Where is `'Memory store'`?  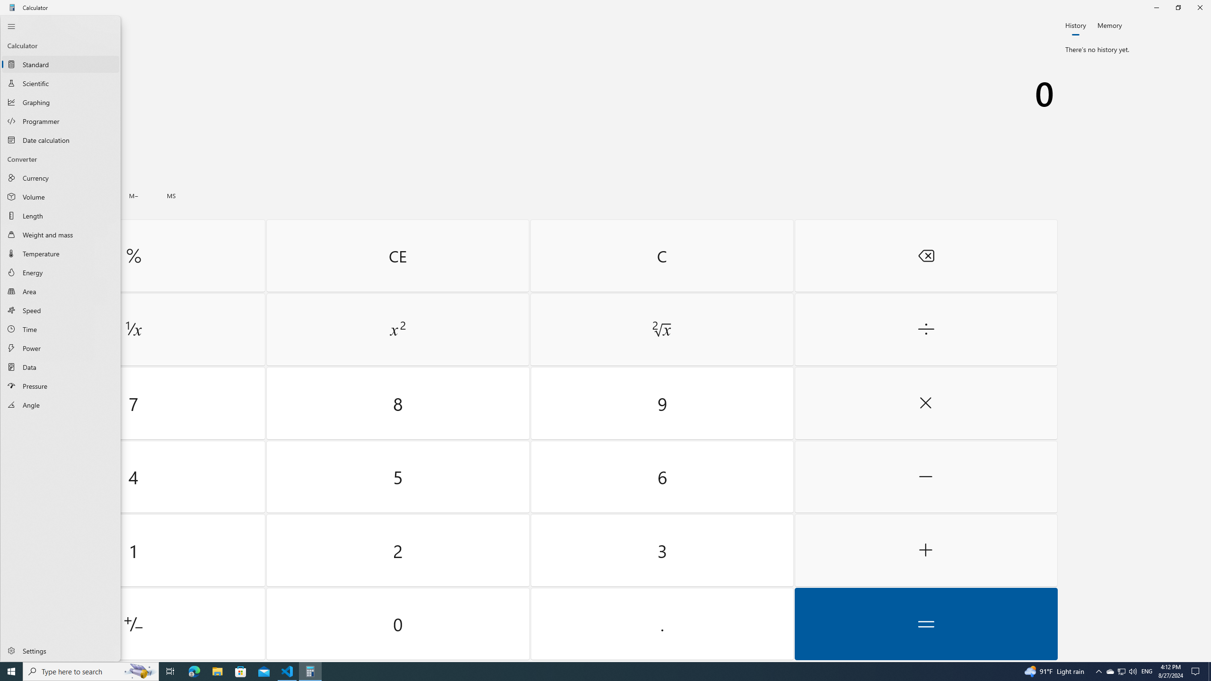
'Memory store' is located at coordinates (171, 195).